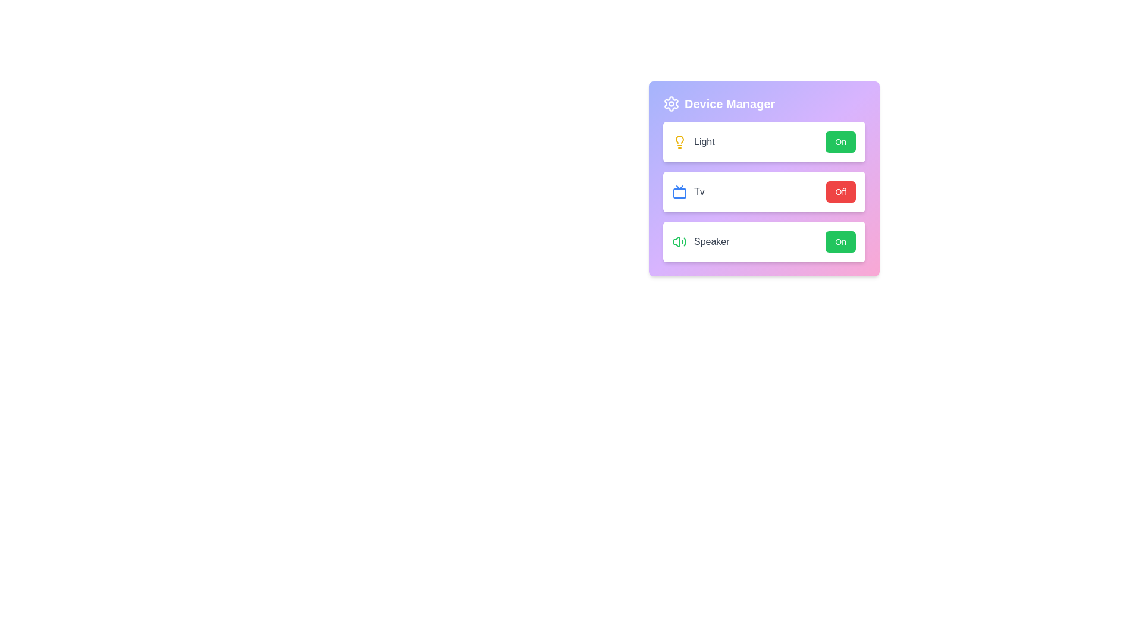 The width and height of the screenshot is (1142, 642). Describe the element at coordinates (671, 103) in the screenshot. I see `the settings icon to observe its details` at that location.